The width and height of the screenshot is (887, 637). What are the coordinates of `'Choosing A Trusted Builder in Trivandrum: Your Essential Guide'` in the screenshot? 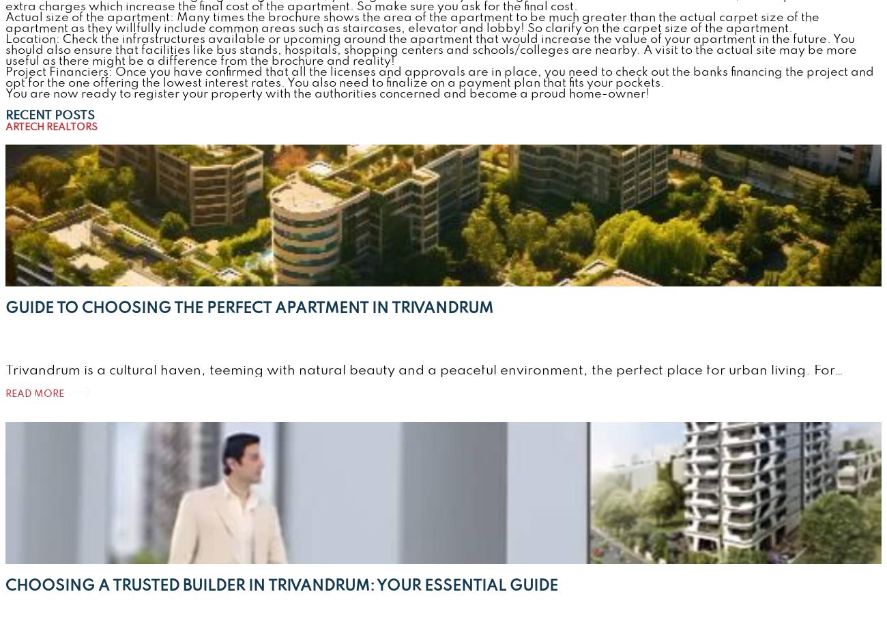 It's located at (282, 584).